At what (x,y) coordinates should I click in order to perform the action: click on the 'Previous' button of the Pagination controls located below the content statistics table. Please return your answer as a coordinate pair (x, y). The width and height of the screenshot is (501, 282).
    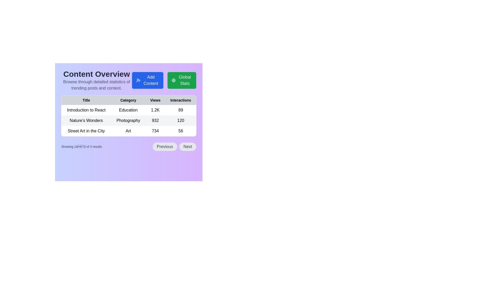
    Looking at the image, I should click on (129, 147).